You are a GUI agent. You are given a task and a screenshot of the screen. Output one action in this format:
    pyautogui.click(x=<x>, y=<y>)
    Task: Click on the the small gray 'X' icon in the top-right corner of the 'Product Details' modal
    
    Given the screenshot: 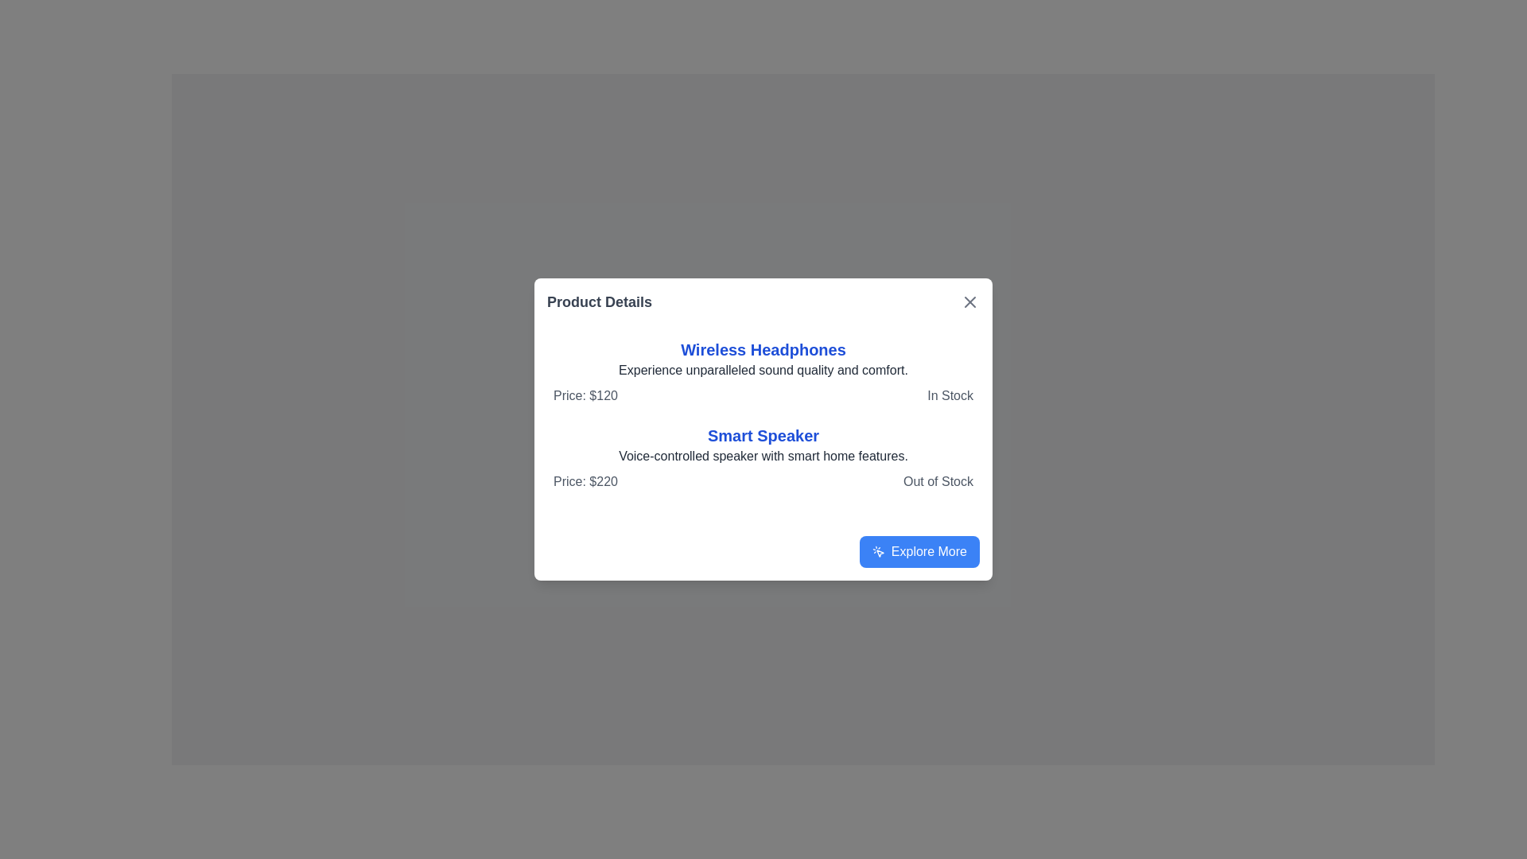 What is the action you would take?
    pyautogui.click(x=969, y=302)
    